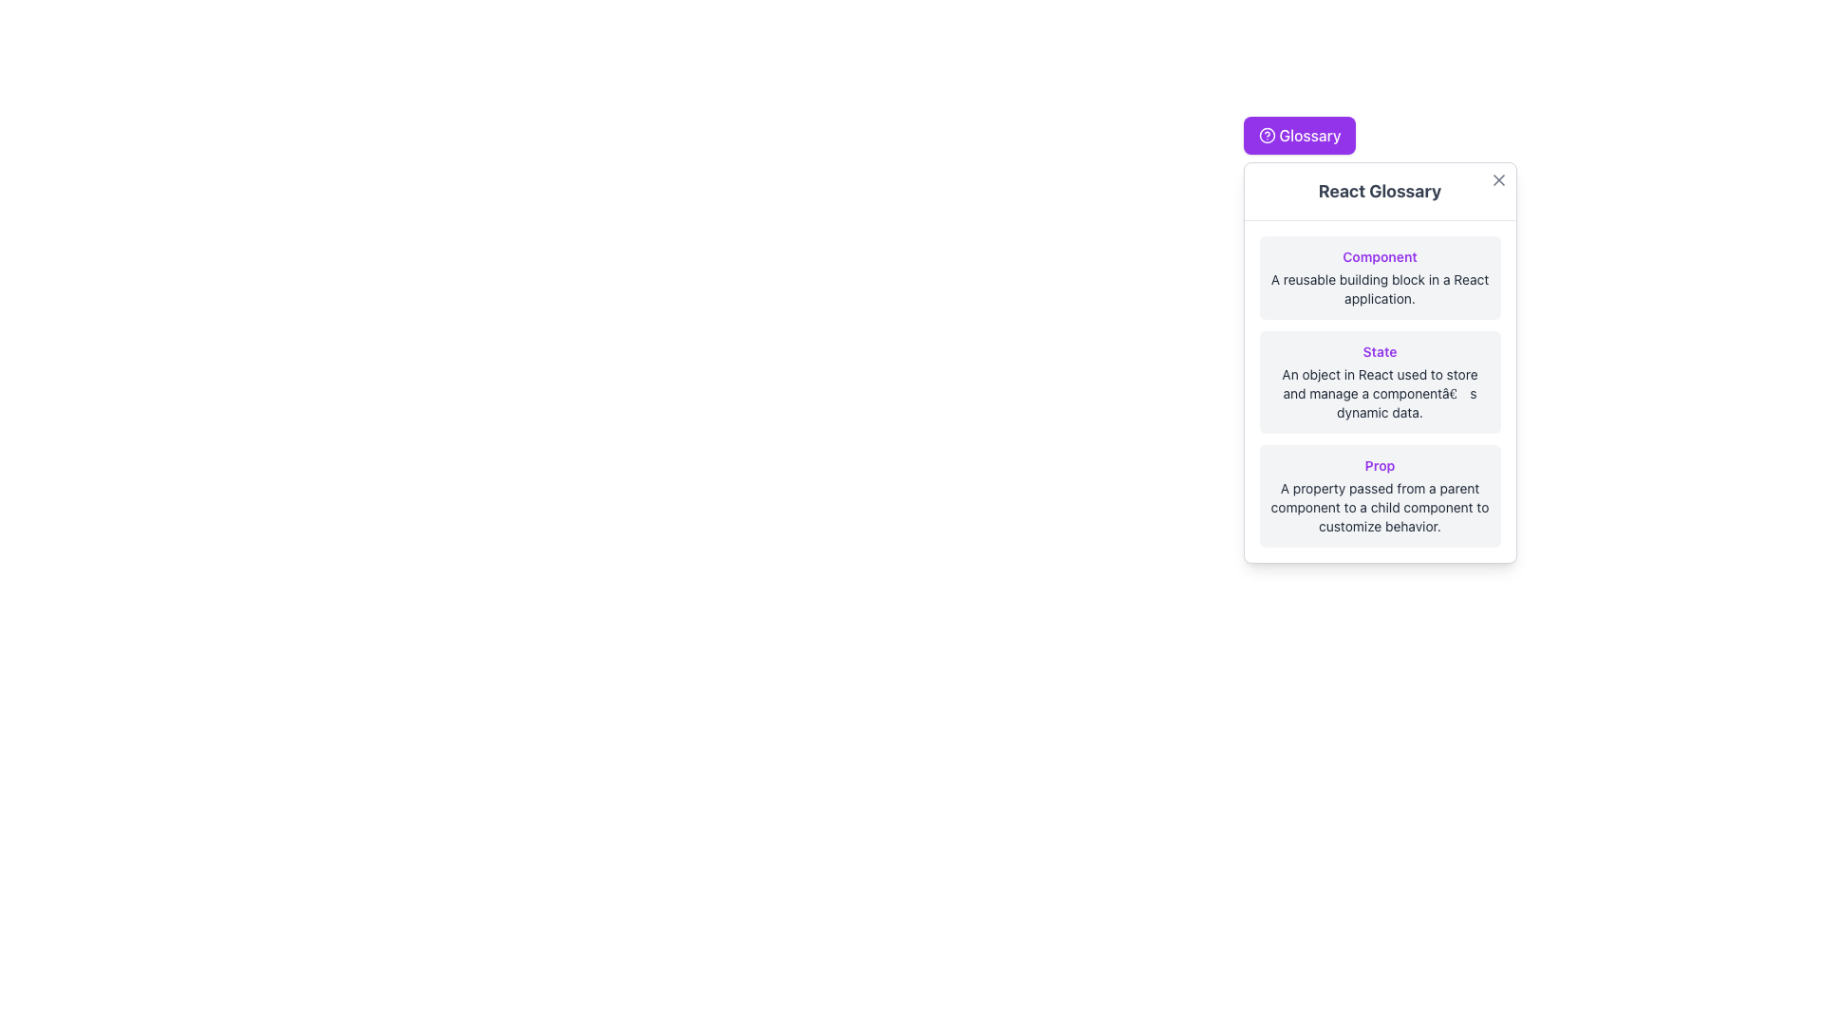  Describe the element at coordinates (1380, 507) in the screenshot. I see `the descriptive text displayed in dark gray color located below the 'Prop' title in the glossary modal` at that location.